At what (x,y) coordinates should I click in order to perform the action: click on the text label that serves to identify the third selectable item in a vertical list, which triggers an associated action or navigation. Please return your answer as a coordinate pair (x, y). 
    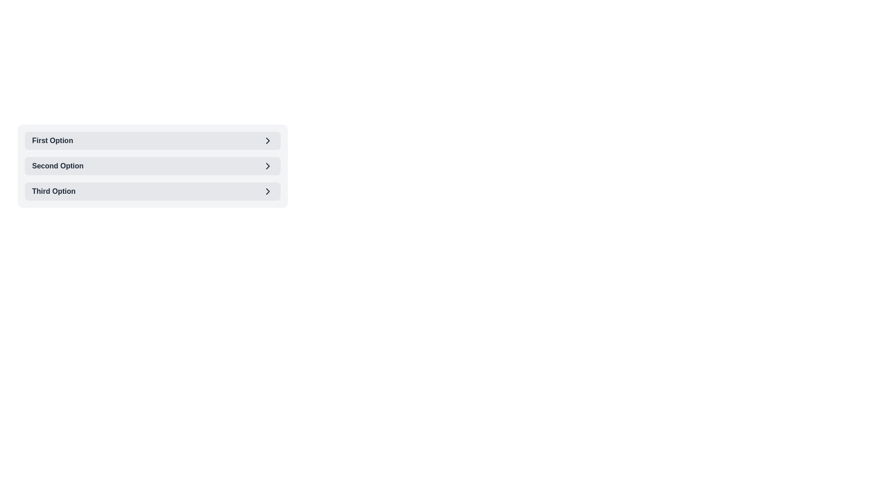
    Looking at the image, I should click on (53, 191).